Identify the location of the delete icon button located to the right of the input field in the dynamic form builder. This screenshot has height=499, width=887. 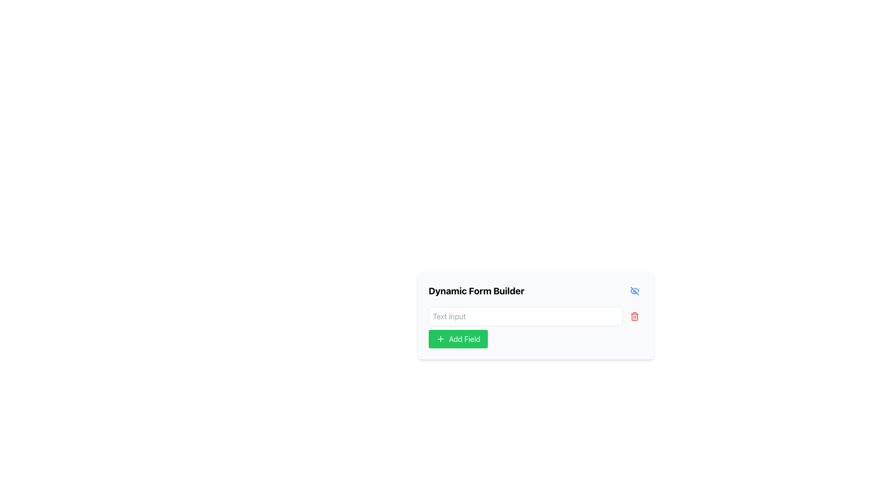
(634, 316).